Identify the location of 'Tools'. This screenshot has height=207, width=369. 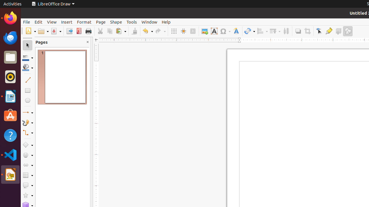
(131, 22).